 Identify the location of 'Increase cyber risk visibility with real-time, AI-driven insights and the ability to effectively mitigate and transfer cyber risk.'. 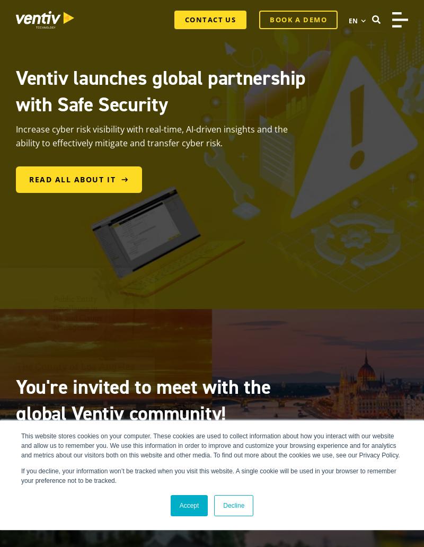
(152, 135).